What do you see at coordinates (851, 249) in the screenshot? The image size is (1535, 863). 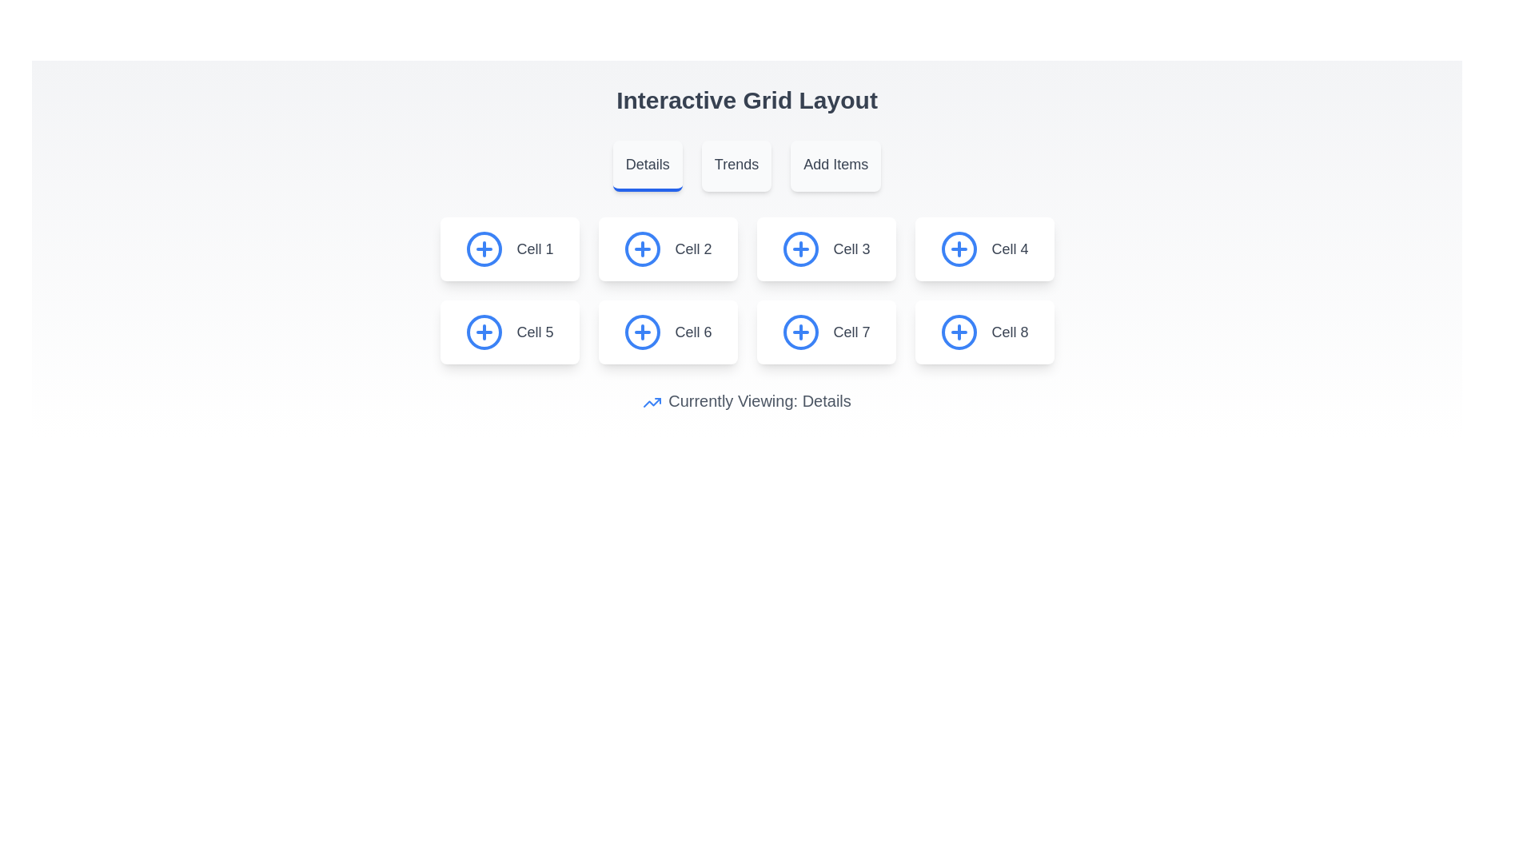 I see `the Static Text Label displaying 'Cell 3' which is styled with a large gray font and located within a light background card in the top row of a grid layout` at bounding box center [851, 249].